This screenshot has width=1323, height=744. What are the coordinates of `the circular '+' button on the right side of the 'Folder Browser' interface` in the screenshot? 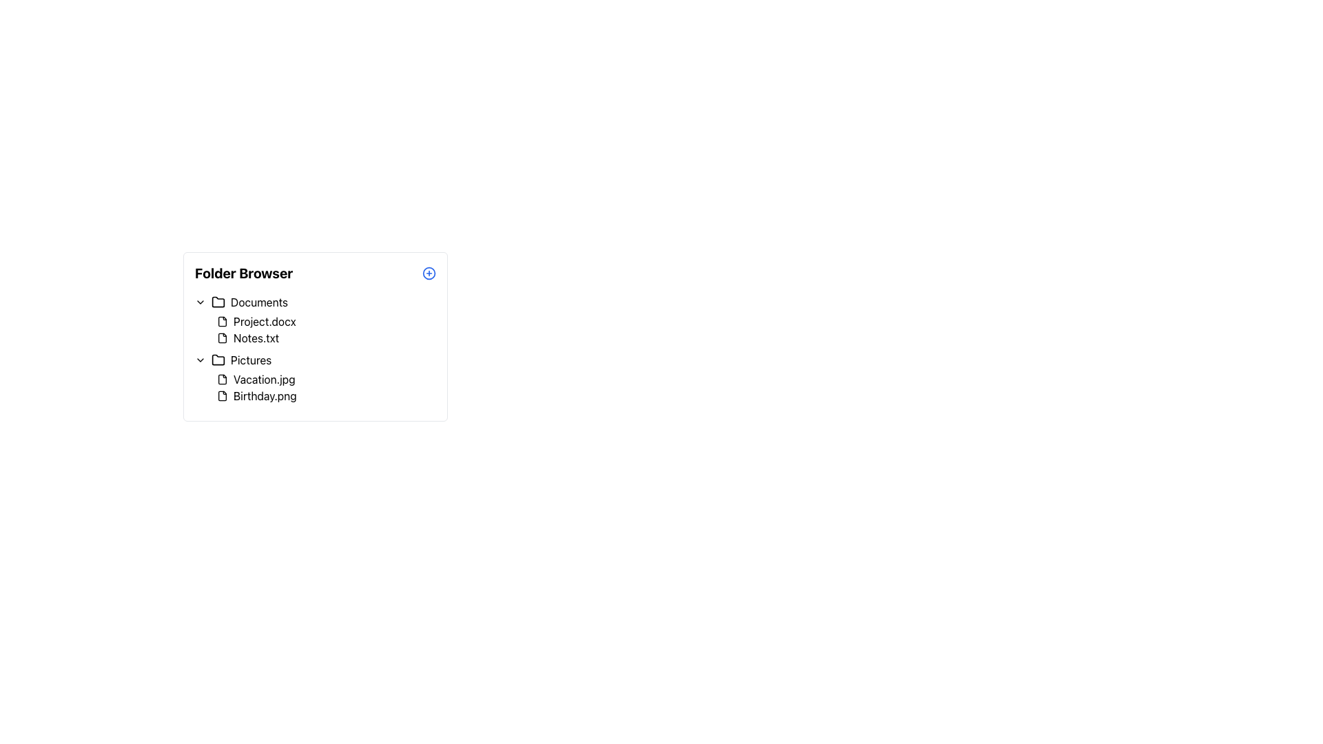 It's located at (429, 273).